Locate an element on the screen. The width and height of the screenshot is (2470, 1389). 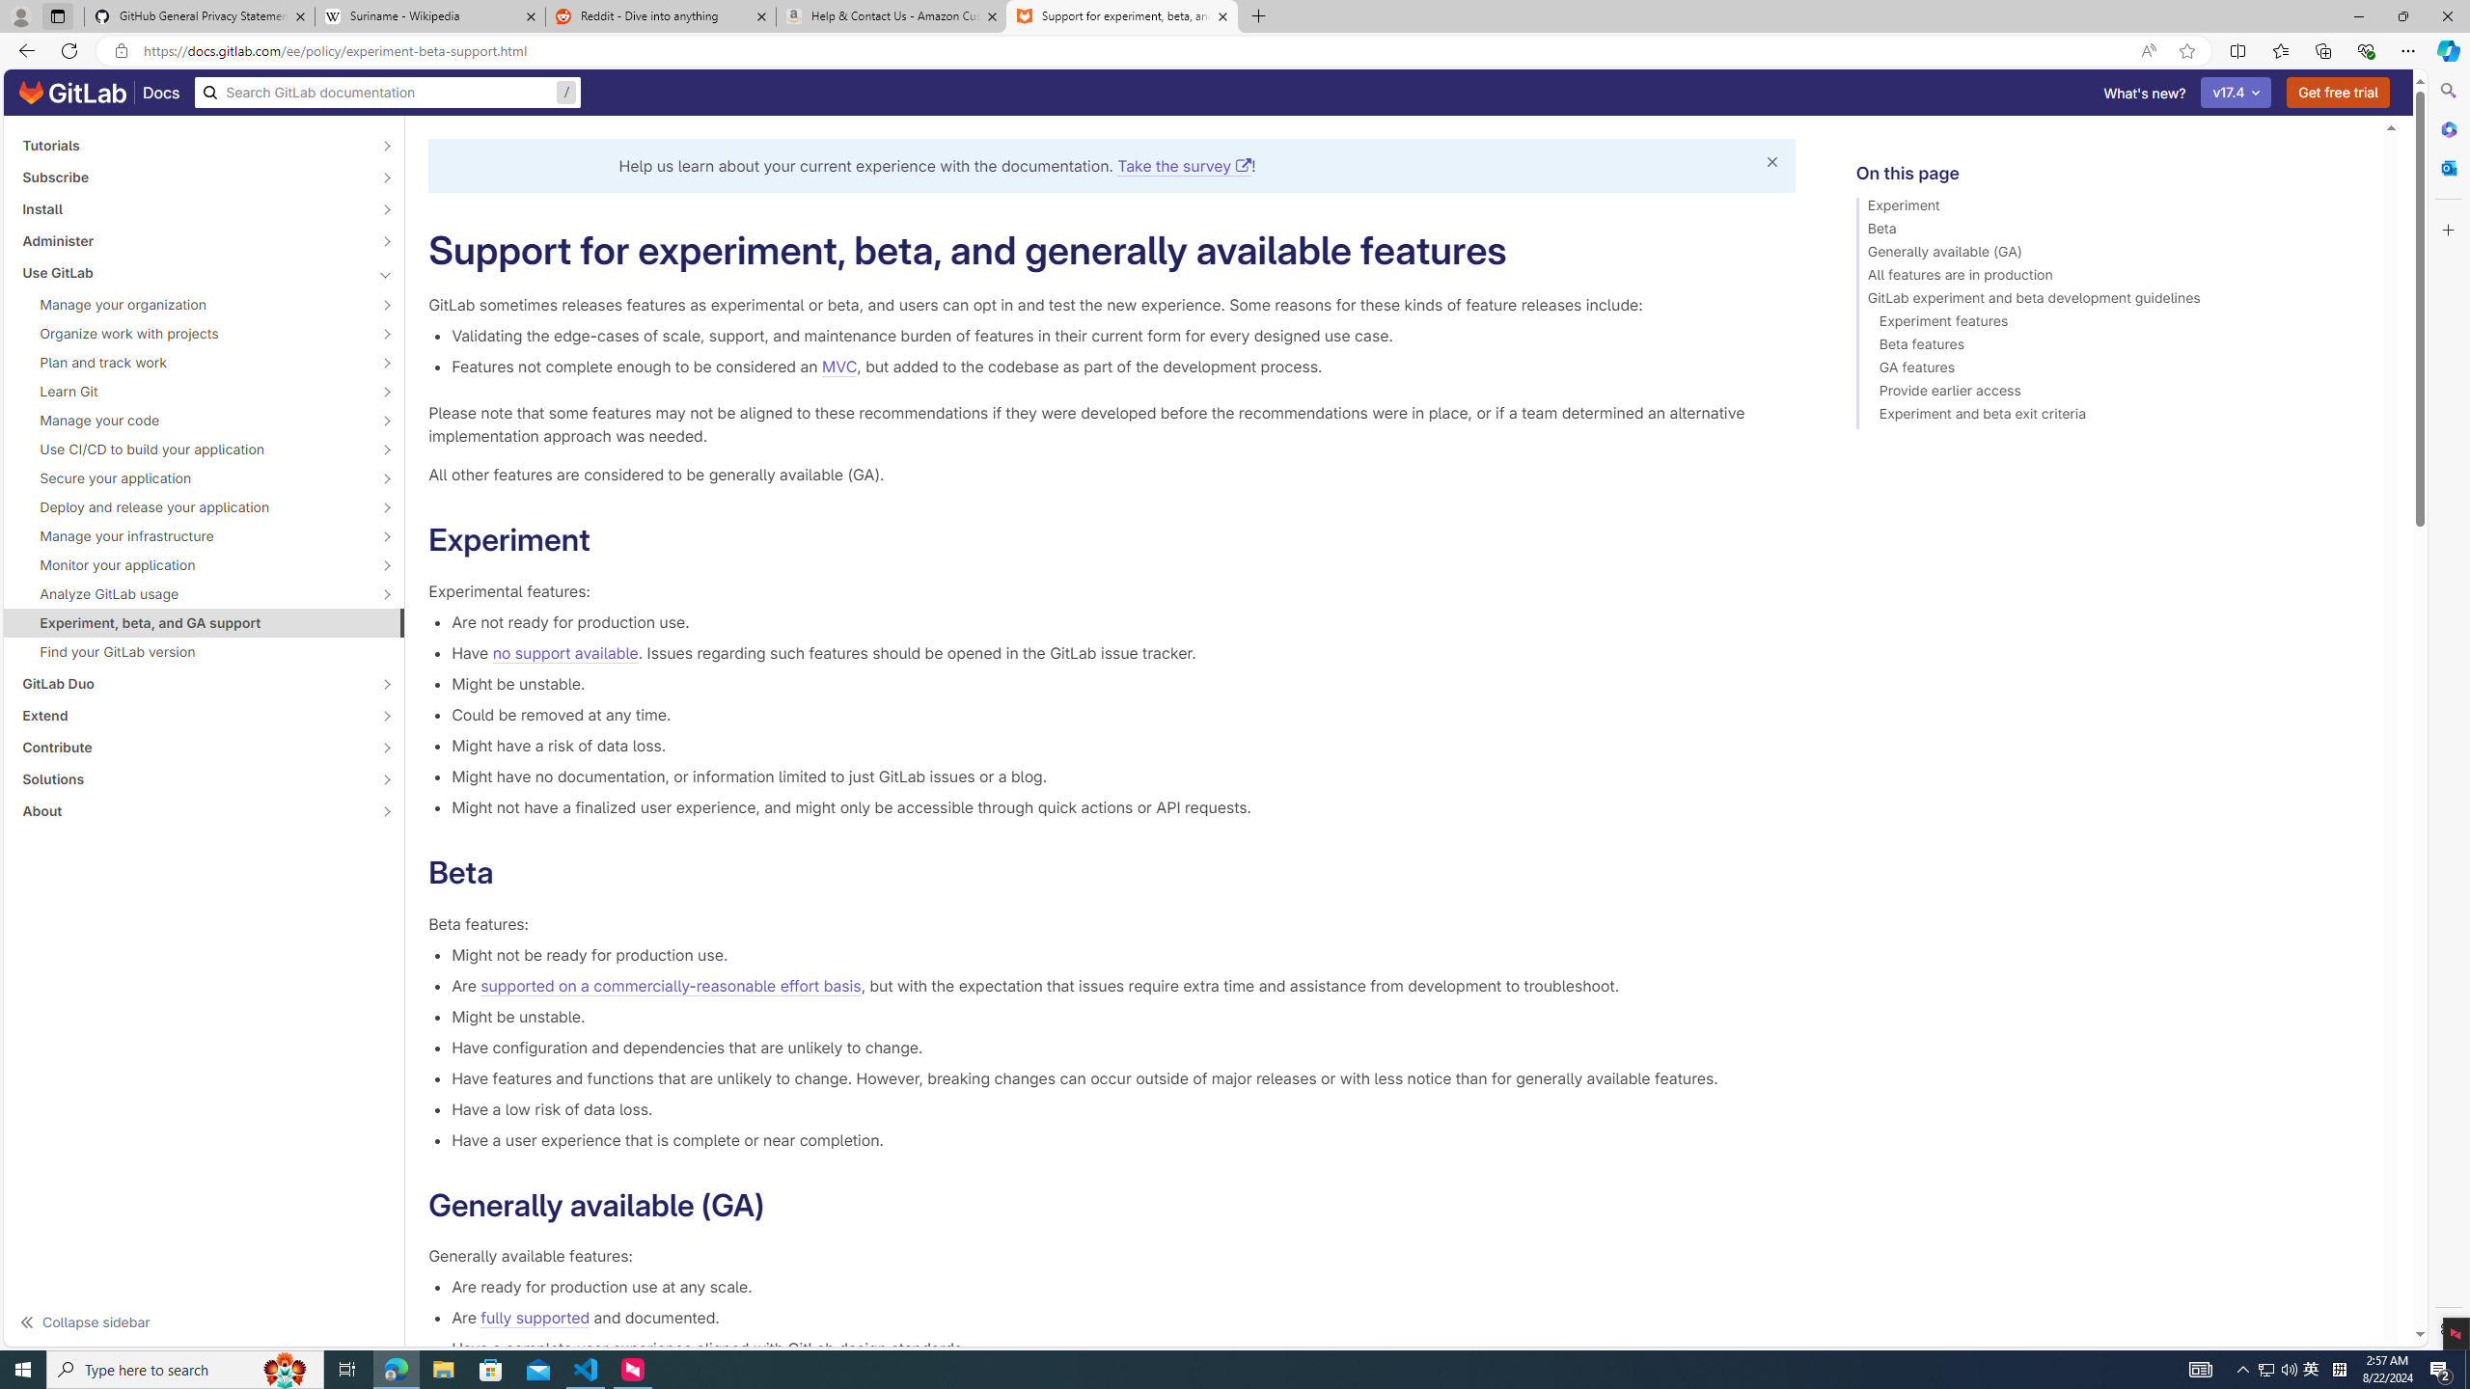
'Manage your infrastructure' is located at coordinates (192, 535).